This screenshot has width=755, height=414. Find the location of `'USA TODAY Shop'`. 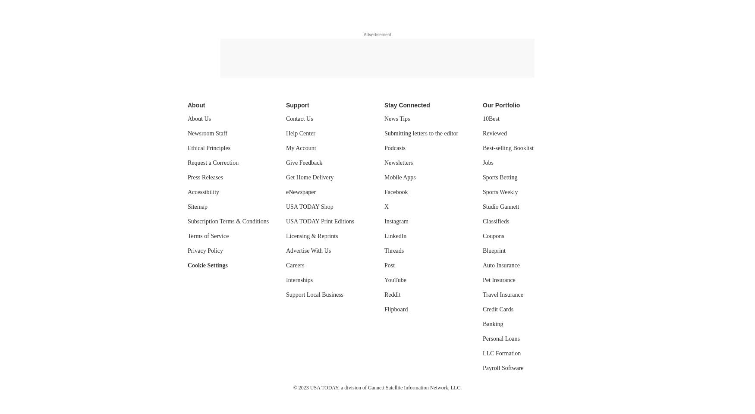

'USA TODAY Shop' is located at coordinates (309, 207).